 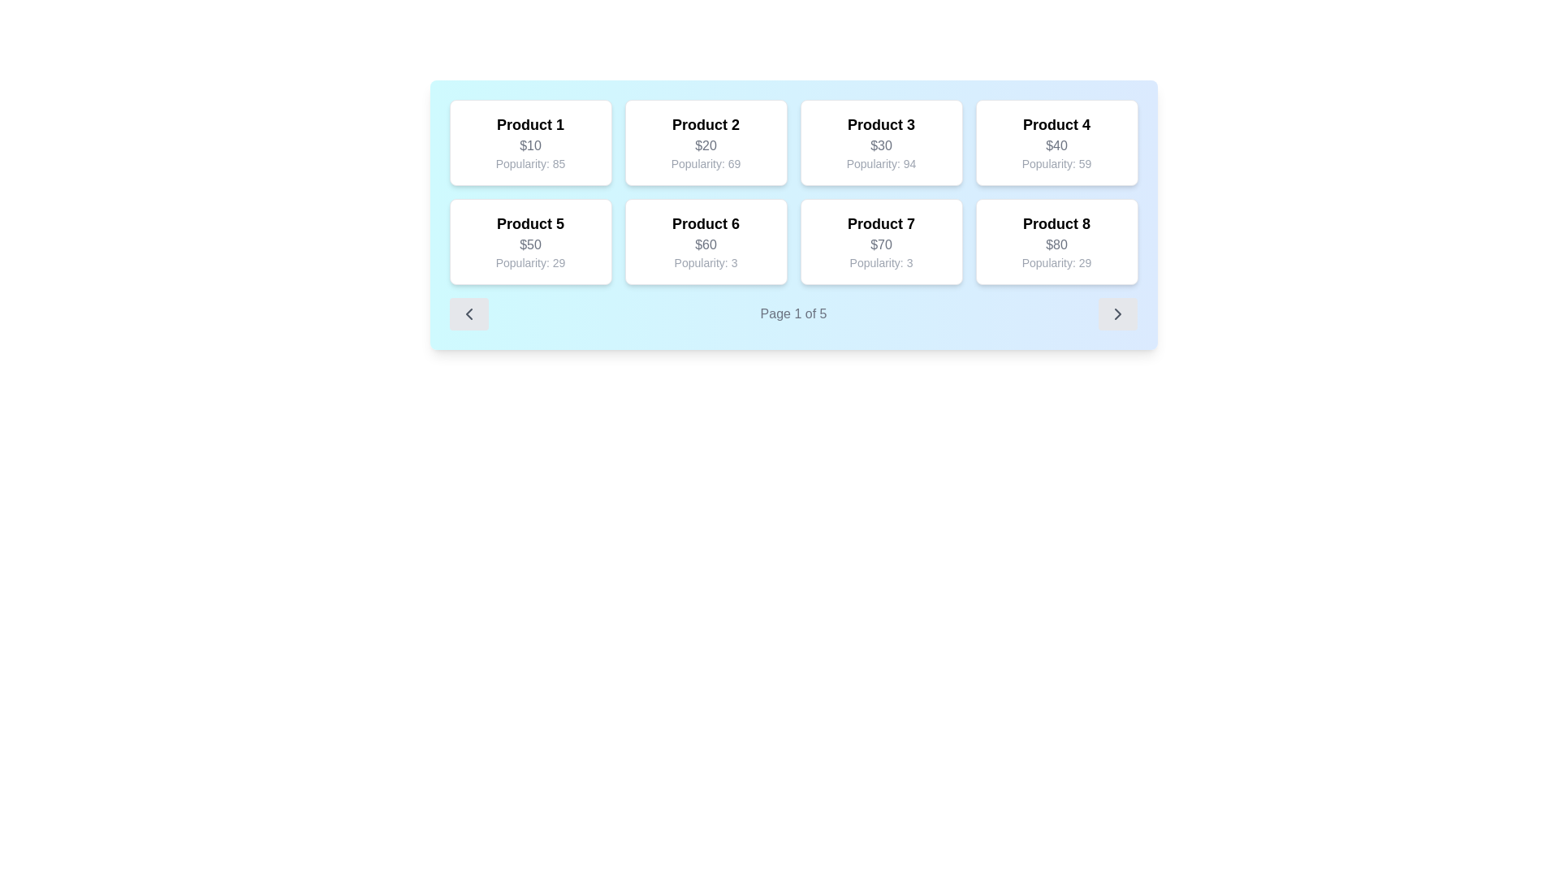 I want to click on the text label of 'Product 3 $30 Popularity: 94', so click(x=880, y=124).